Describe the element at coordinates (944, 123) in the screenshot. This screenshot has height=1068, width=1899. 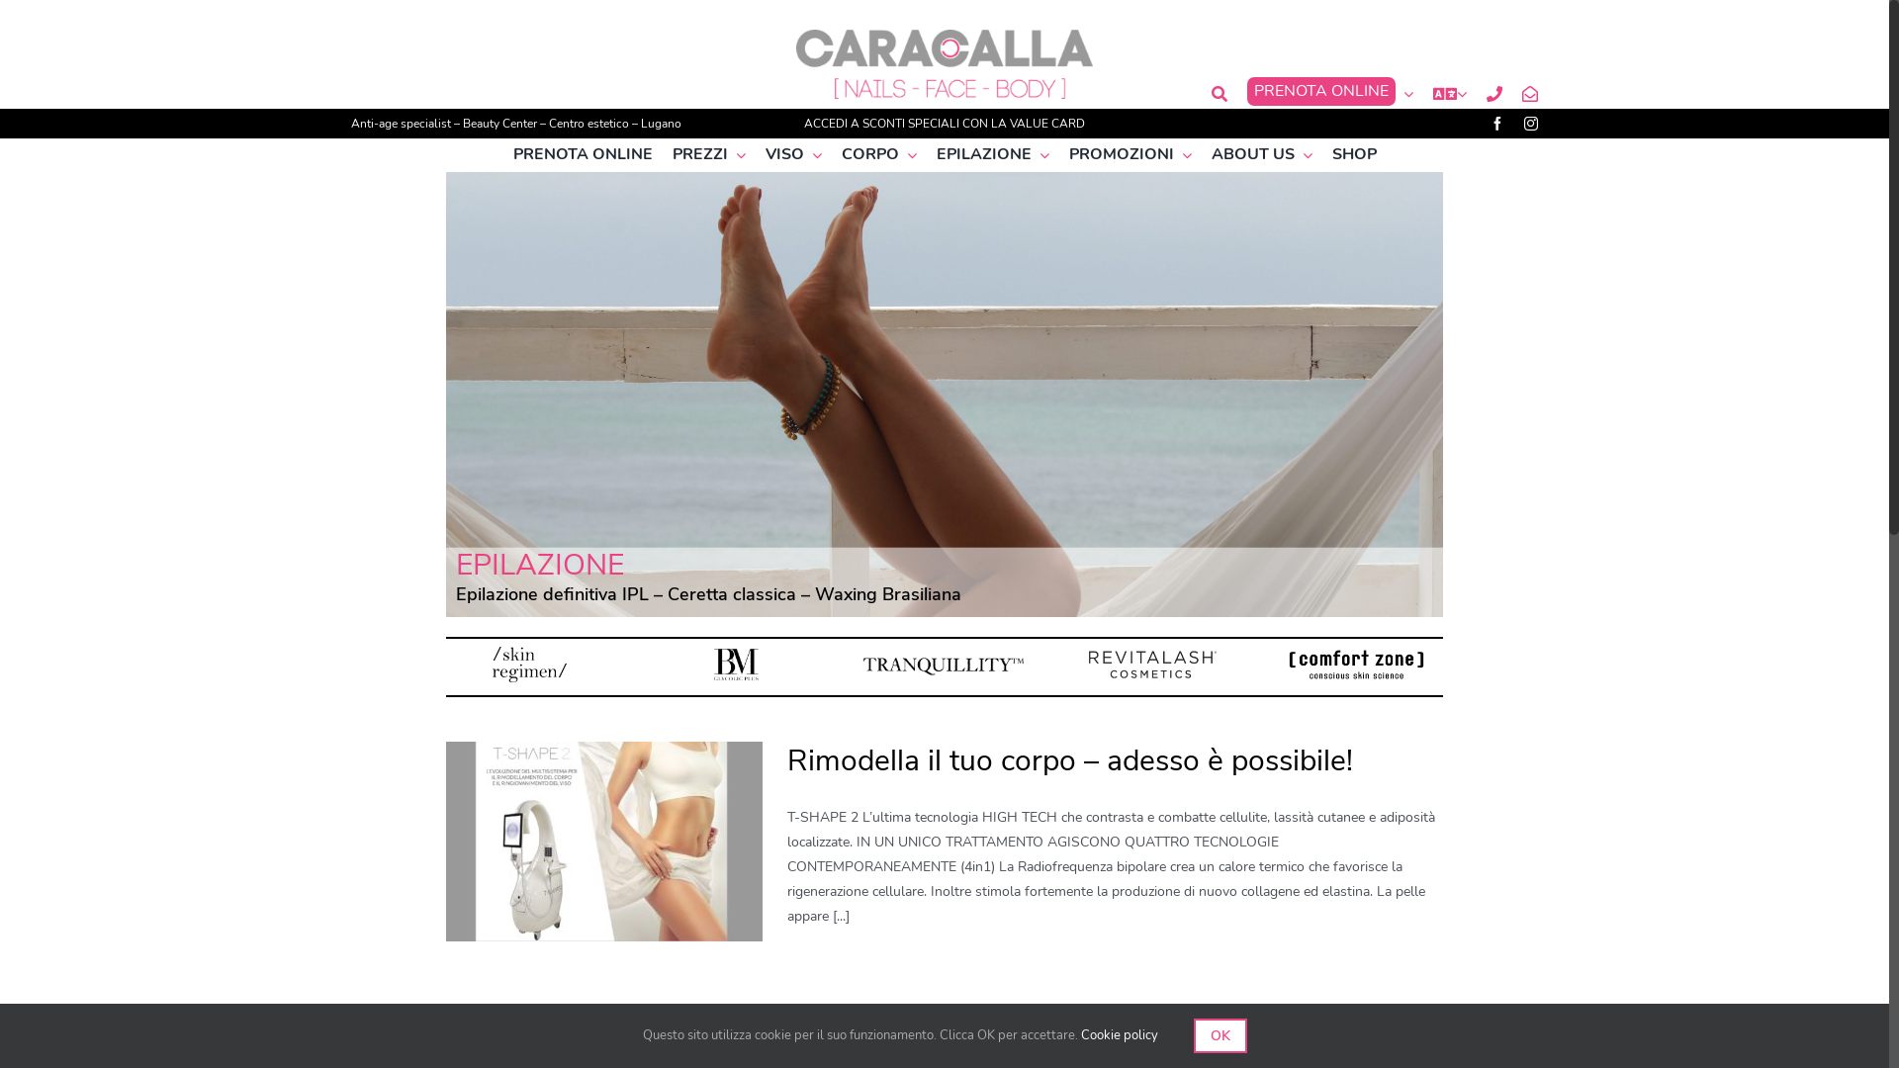
I see `'ACCEDI A SCONTI SPECIALI CON LA VALUE CARD'` at that location.